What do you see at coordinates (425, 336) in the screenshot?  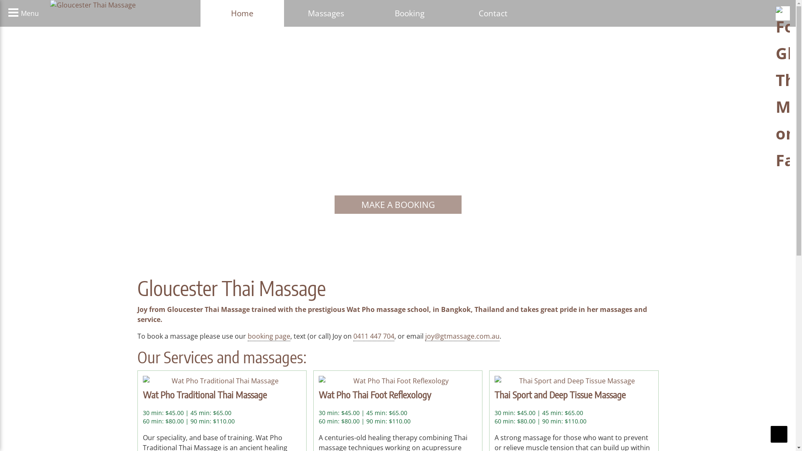 I see `'joy@gtmassage.com.au'` at bounding box center [425, 336].